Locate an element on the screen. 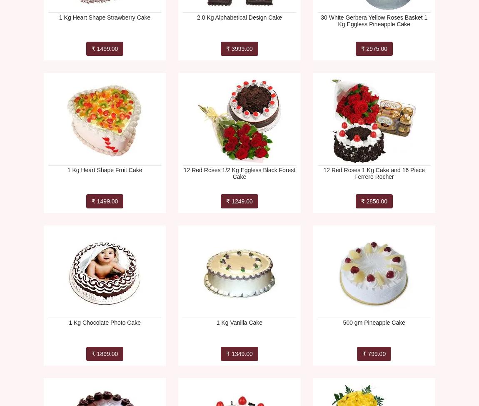  '12 Red Roses 1/2 Kg Eggless Black Forest Cake' is located at coordinates (183, 173).